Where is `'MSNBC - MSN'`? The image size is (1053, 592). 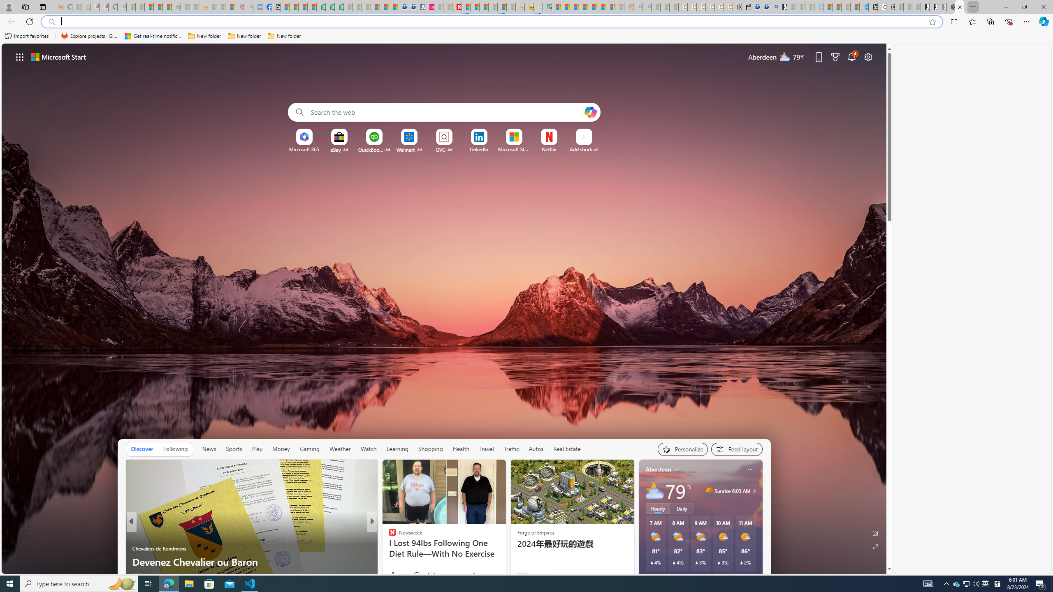
'MSNBC - MSN' is located at coordinates (556, 7).